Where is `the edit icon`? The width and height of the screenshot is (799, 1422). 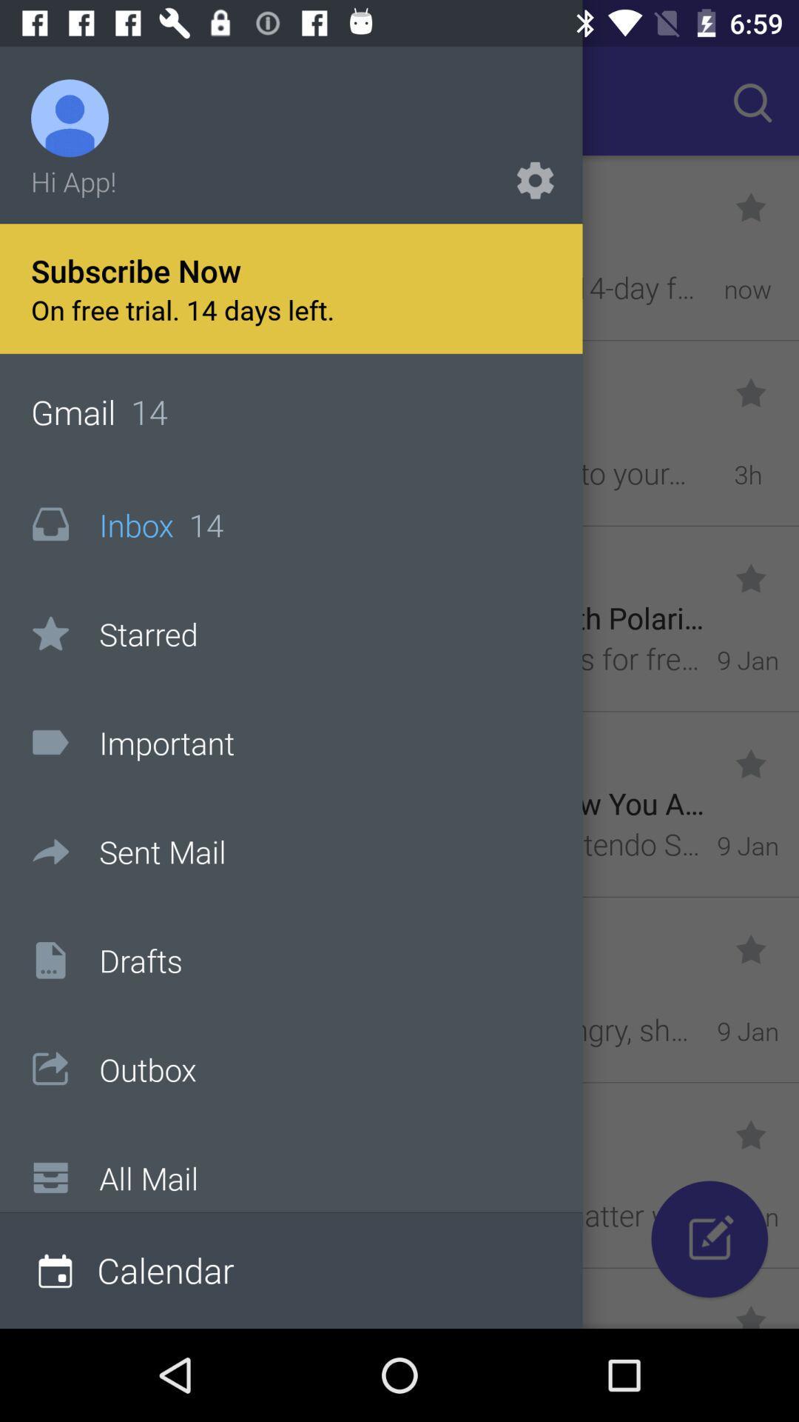
the edit icon is located at coordinates (709, 1239).